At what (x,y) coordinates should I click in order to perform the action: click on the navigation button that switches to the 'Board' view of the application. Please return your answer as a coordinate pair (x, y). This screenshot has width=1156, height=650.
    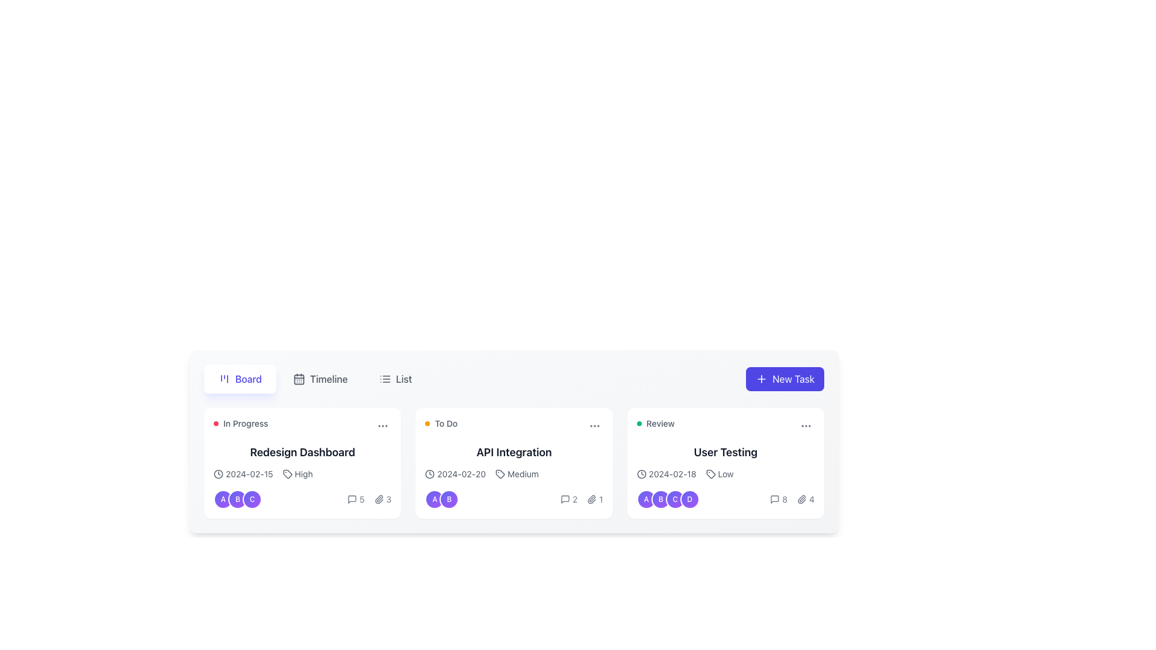
    Looking at the image, I should click on (240, 378).